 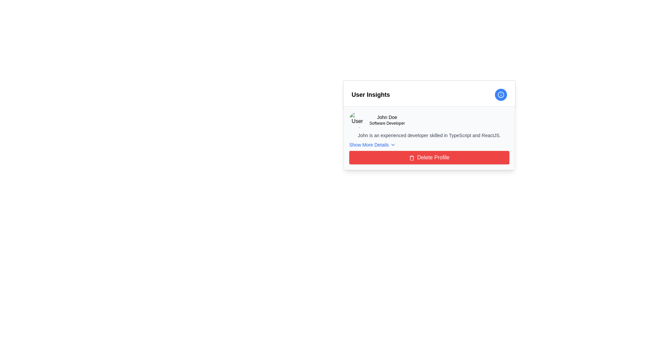 What do you see at coordinates (429, 158) in the screenshot?
I see `the 'Delete Profile' button, which features a red background, white text, and a trash icon, located at the bottom of a user summary card` at bounding box center [429, 158].